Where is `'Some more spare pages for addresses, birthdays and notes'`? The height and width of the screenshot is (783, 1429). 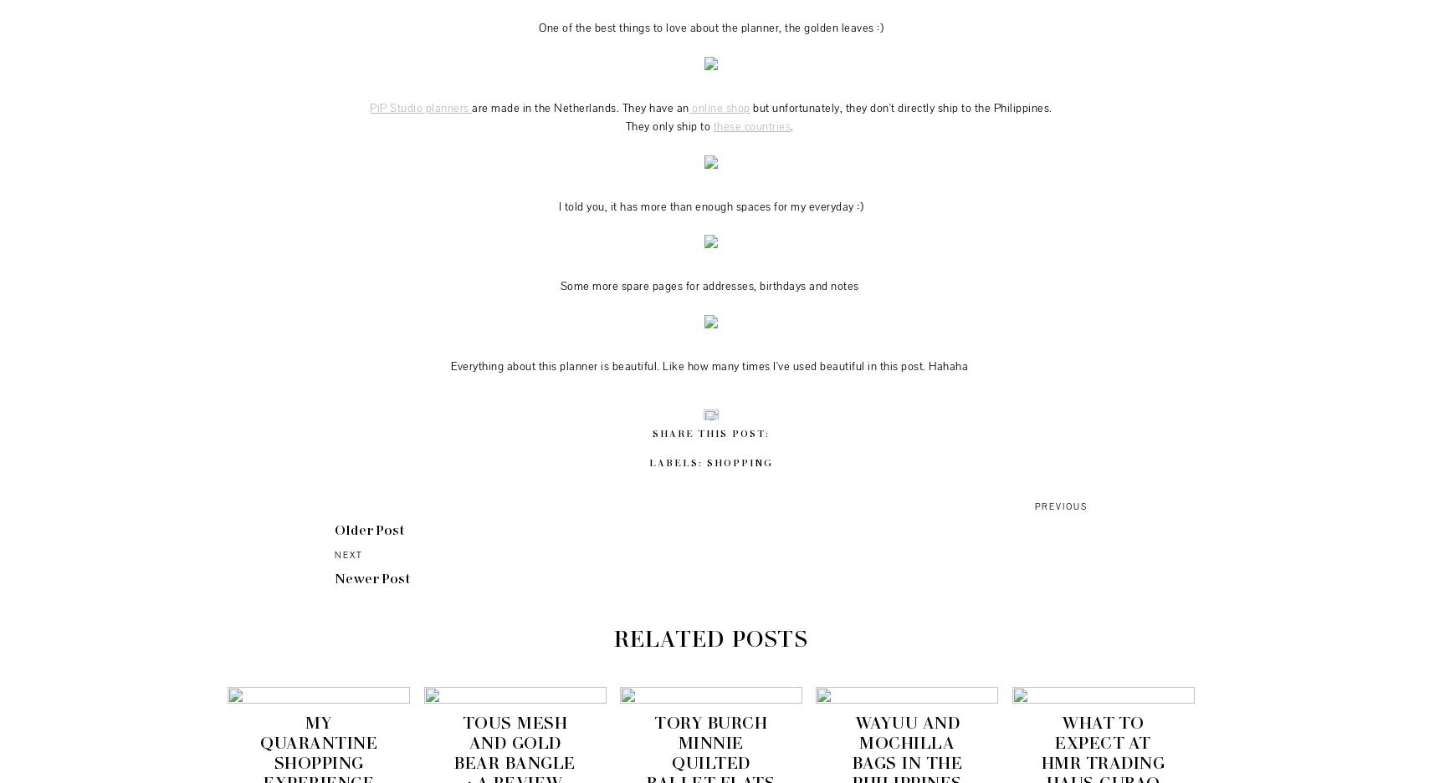
'Some more spare pages for addresses, birthdays and notes' is located at coordinates (710, 287).